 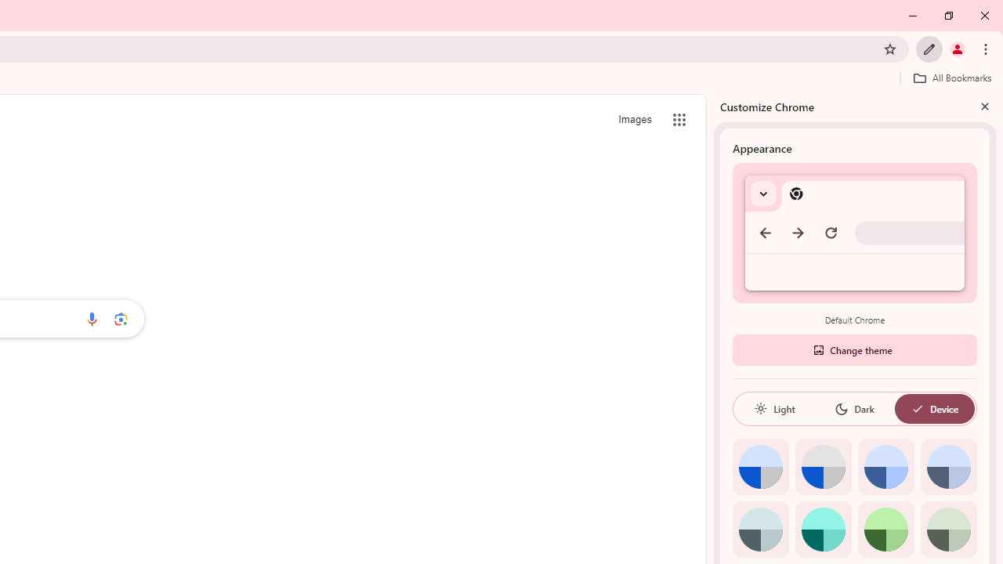 What do you see at coordinates (947, 529) in the screenshot?
I see `'Viridian'` at bounding box center [947, 529].